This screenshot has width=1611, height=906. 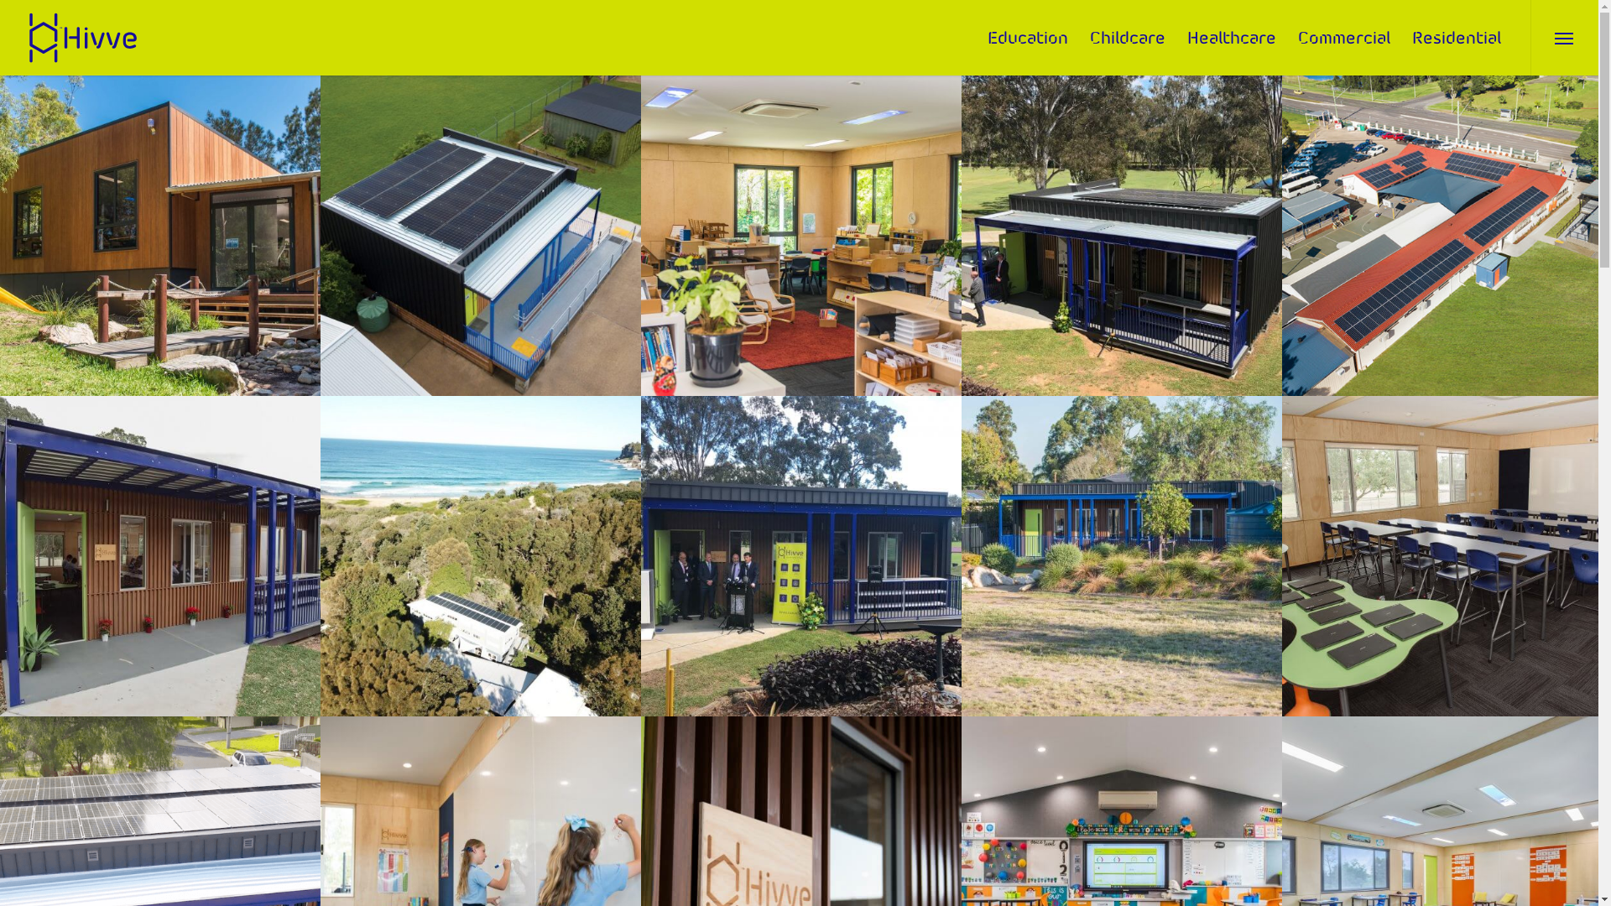 What do you see at coordinates (1456, 38) in the screenshot?
I see `'Residential'` at bounding box center [1456, 38].